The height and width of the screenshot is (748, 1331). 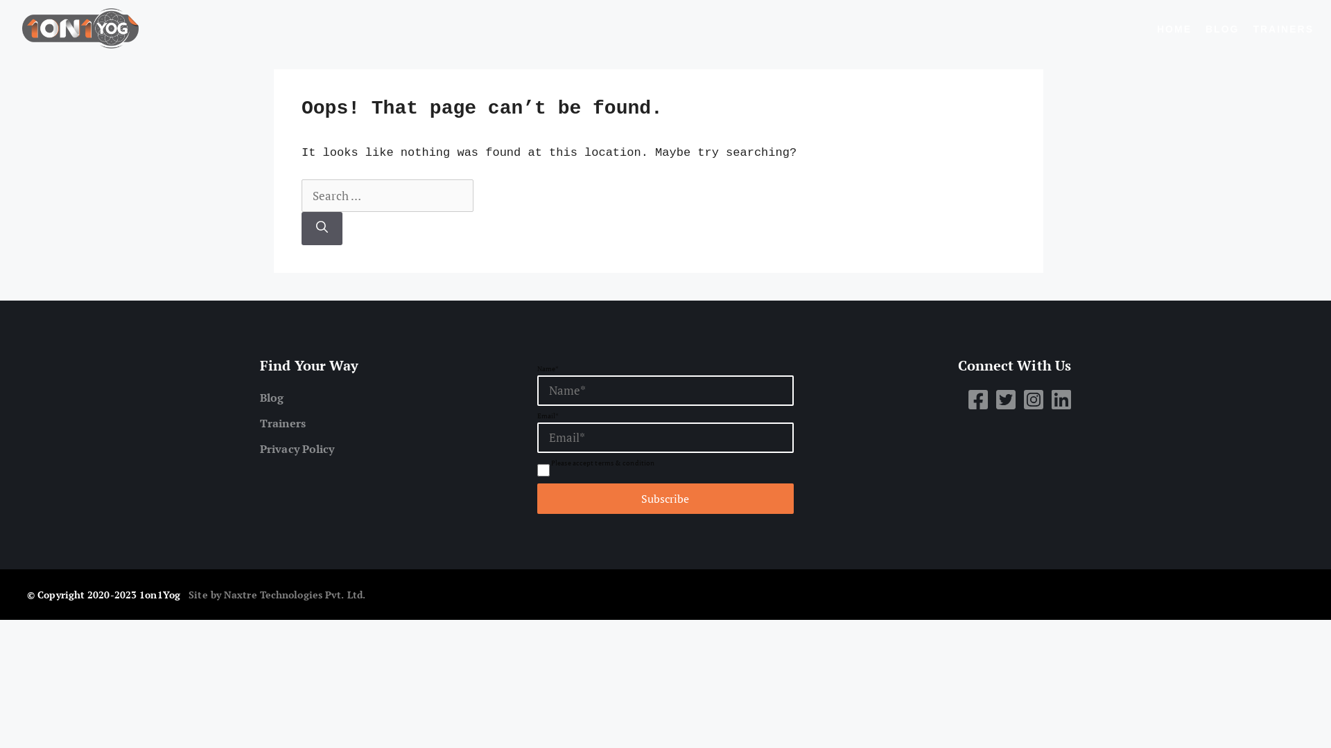 What do you see at coordinates (259, 398) in the screenshot?
I see `'Blog'` at bounding box center [259, 398].